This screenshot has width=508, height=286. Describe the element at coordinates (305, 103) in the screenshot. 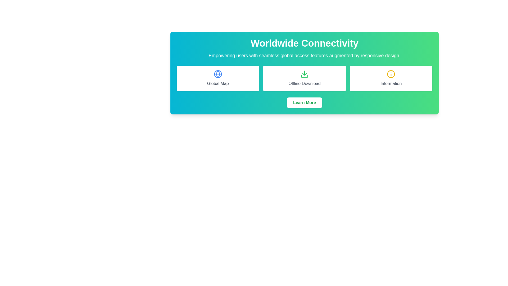

I see `the information button located at the bottom center of the card-like section` at that location.